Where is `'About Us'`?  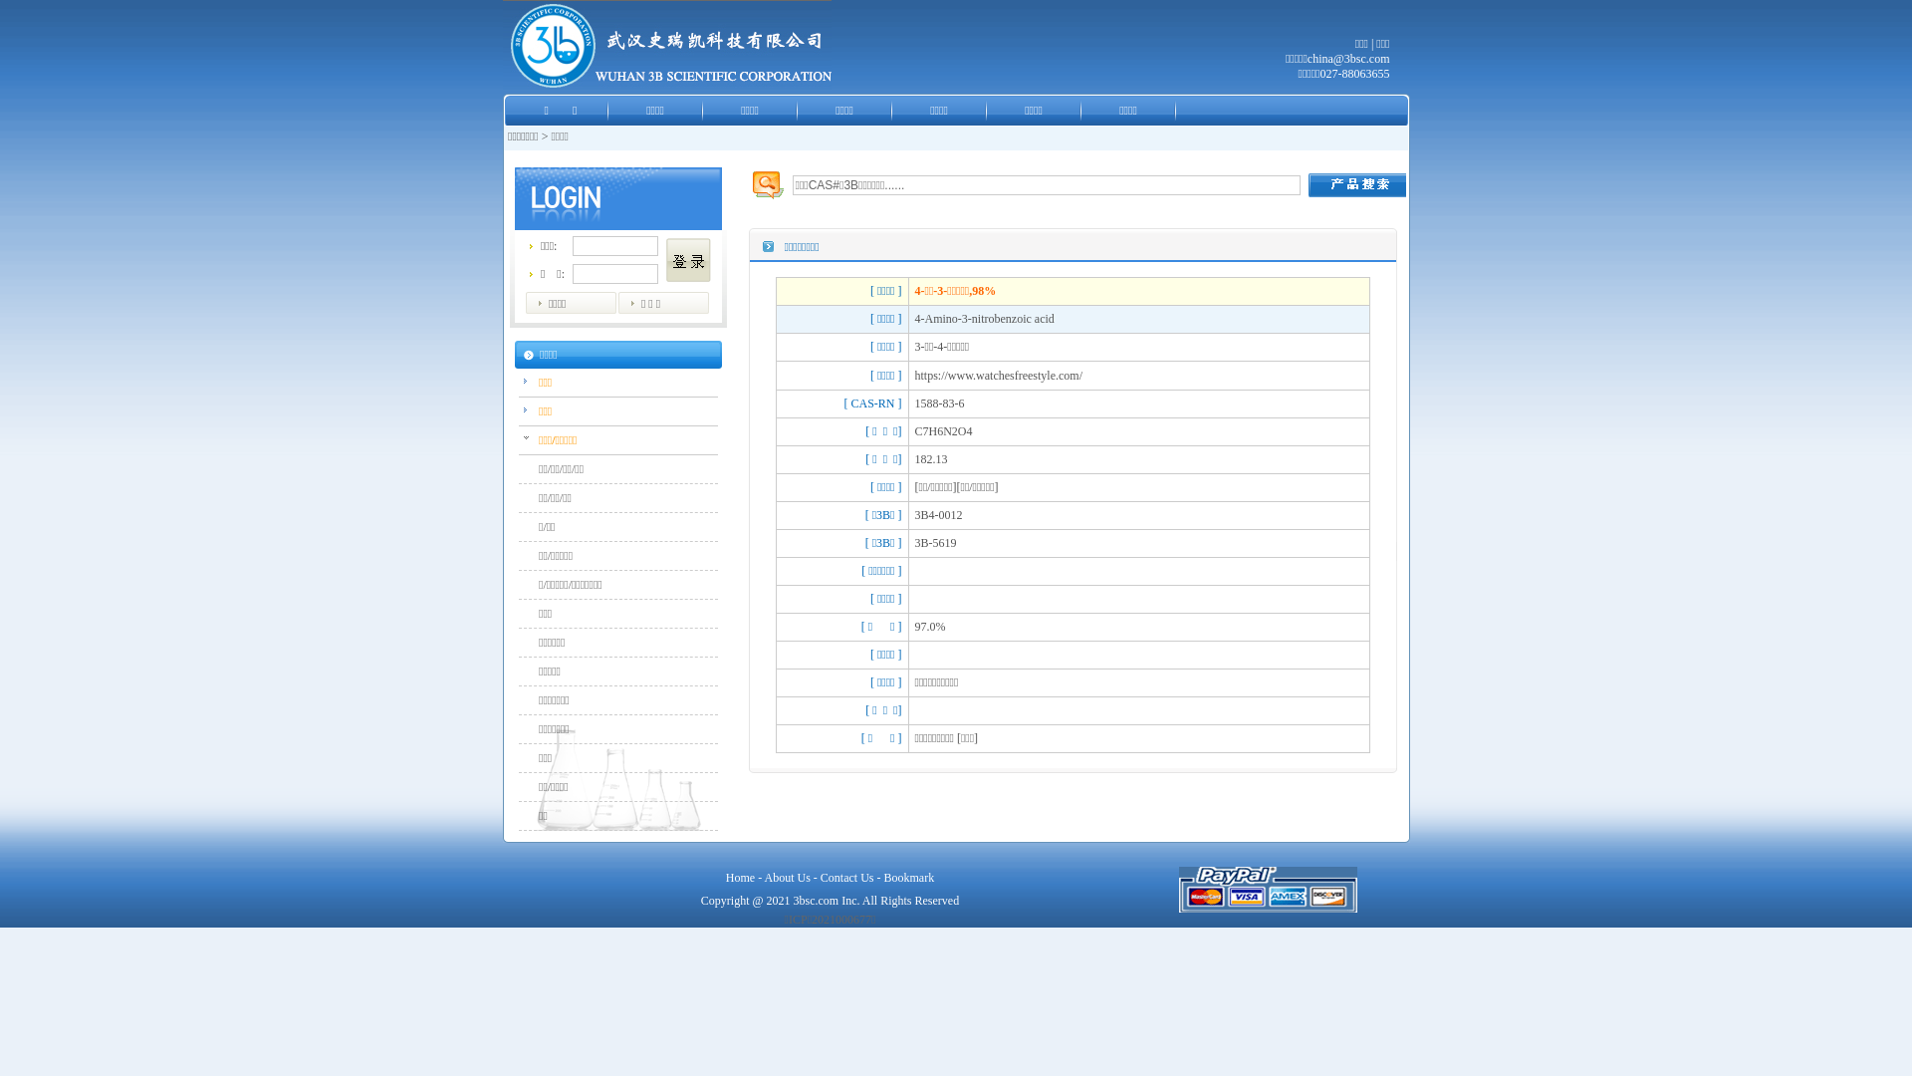 'About Us' is located at coordinates (786, 876).